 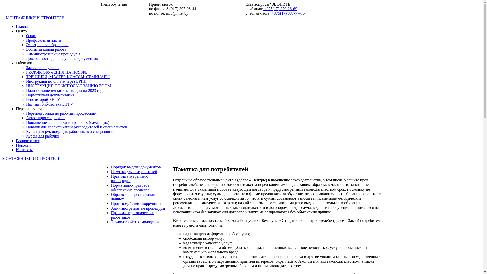 I want to click on '+375(17) 337-77-76', so click(x=288, y=13).